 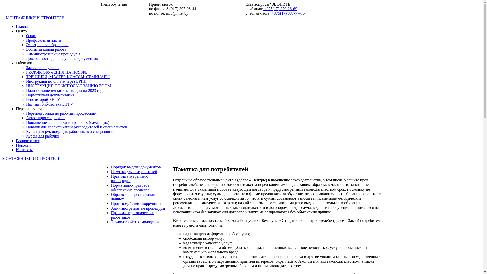 I want to click on '+375(17) 337-77-76', so click(x=288, y=13).